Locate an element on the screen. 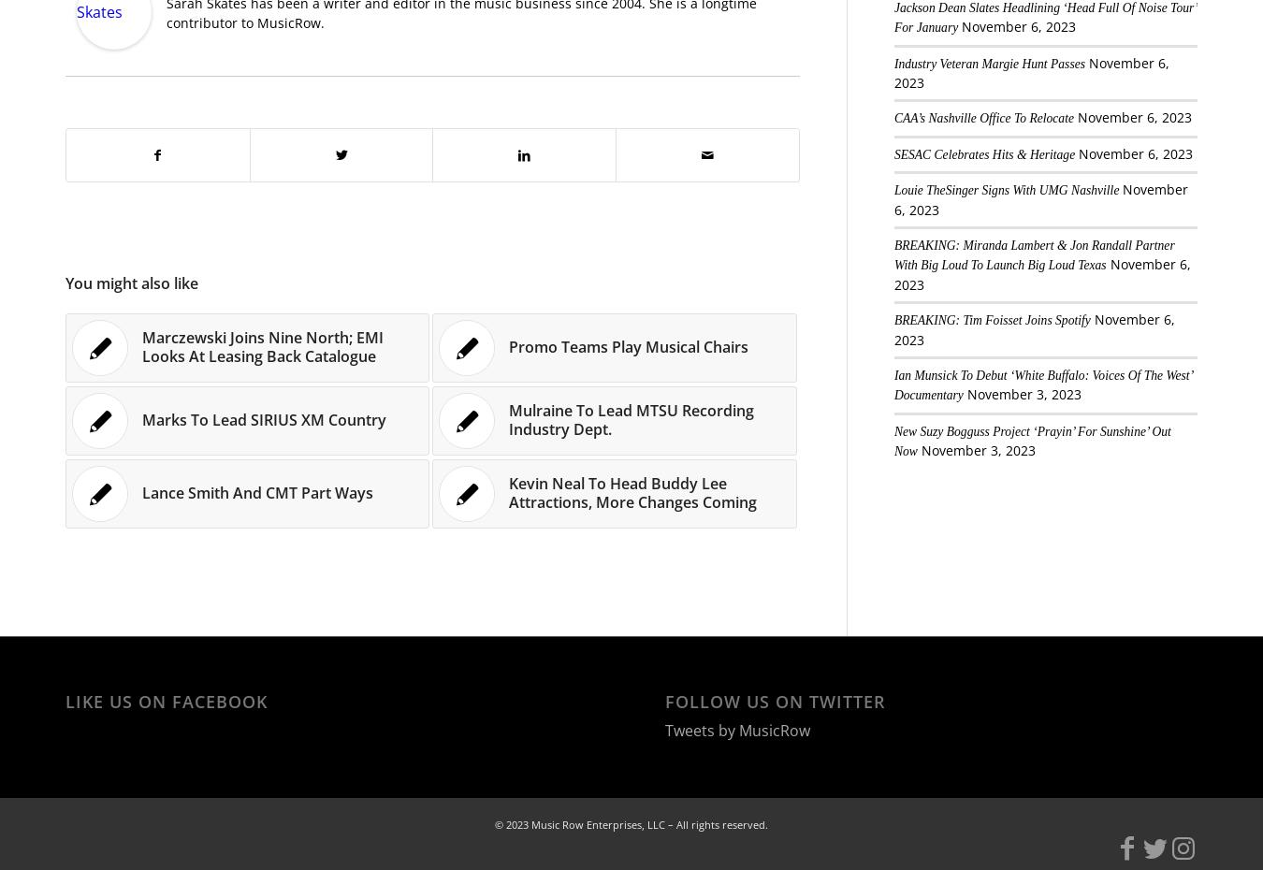 The height and width of the screenshot is (870, 1263). 'CAA’s Nashville Office To Relocate' is located at coordinates (982, 118).